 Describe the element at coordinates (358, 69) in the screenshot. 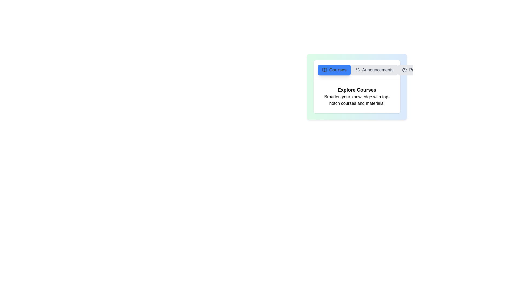

I see `the notification icon located at the rightmost side of the horizontal tab-like section above the 'Explore Courses' content card, which is smaller and visually distinct due to its iconographic design` at that location.